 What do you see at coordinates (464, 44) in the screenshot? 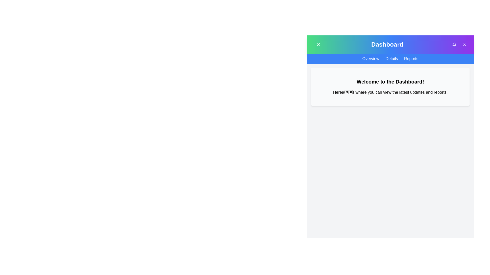
I see `the user profile icon in the top-right corner` at bounding box center [464, 44].